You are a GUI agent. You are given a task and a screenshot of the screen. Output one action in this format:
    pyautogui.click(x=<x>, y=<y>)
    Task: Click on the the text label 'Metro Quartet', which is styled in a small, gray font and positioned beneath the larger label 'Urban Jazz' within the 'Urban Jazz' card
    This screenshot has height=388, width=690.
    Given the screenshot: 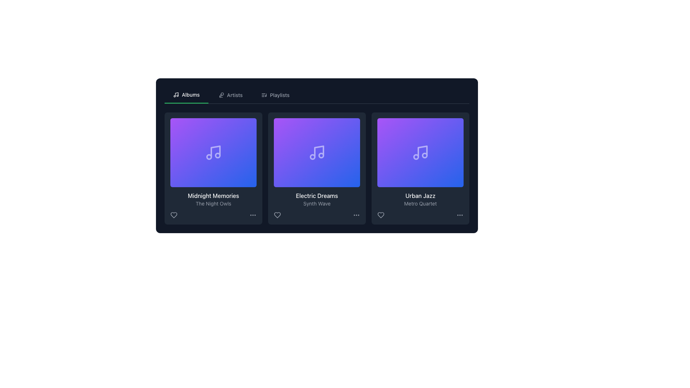 What is the action you would take?
    pyautogui.click(x=420, y=204)
    